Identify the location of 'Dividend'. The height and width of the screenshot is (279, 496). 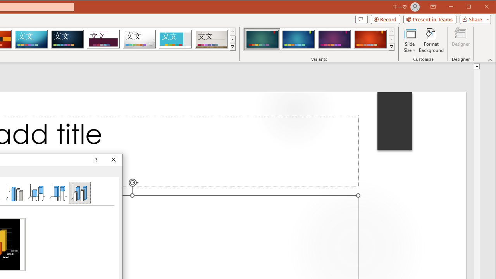
(103, 39).